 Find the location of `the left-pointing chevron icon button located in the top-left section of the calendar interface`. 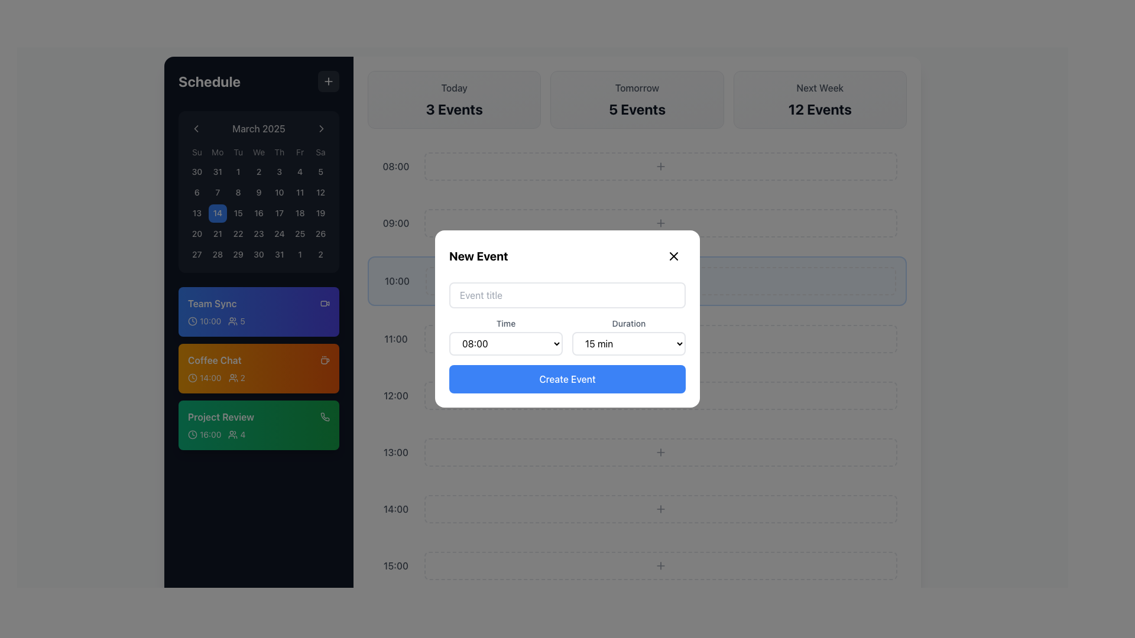

the left-pointing chevron icon button located in the top-left section of the calendar interface is located at coordinates (196, 129).